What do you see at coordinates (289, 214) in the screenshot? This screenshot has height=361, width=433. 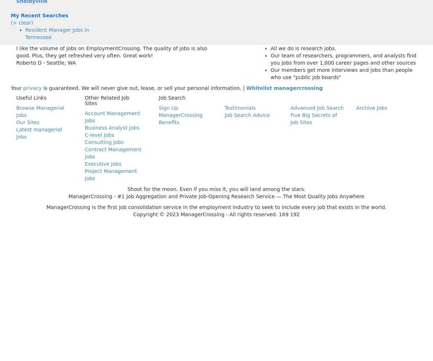 I see `'169 192'` at bounding box center [289, 214].